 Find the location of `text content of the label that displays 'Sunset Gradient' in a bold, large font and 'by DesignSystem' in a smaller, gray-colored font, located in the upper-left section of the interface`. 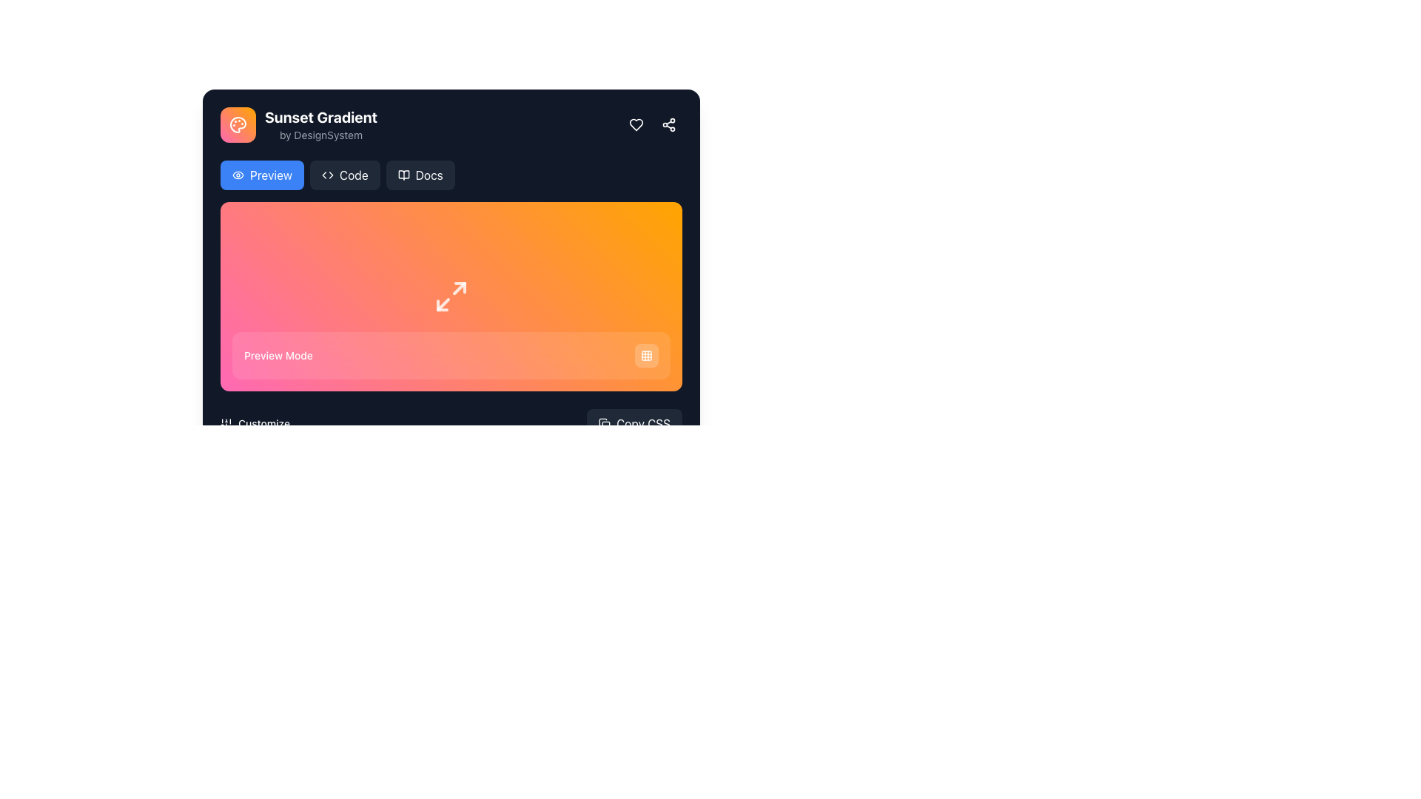

text content of the label that displays 'Sunset Gradient' in a bold, large font and 'by DesignSystem' in a smaller, gray-colored font, located in the upper-left section of the interface is located at coordinates (320, 124).